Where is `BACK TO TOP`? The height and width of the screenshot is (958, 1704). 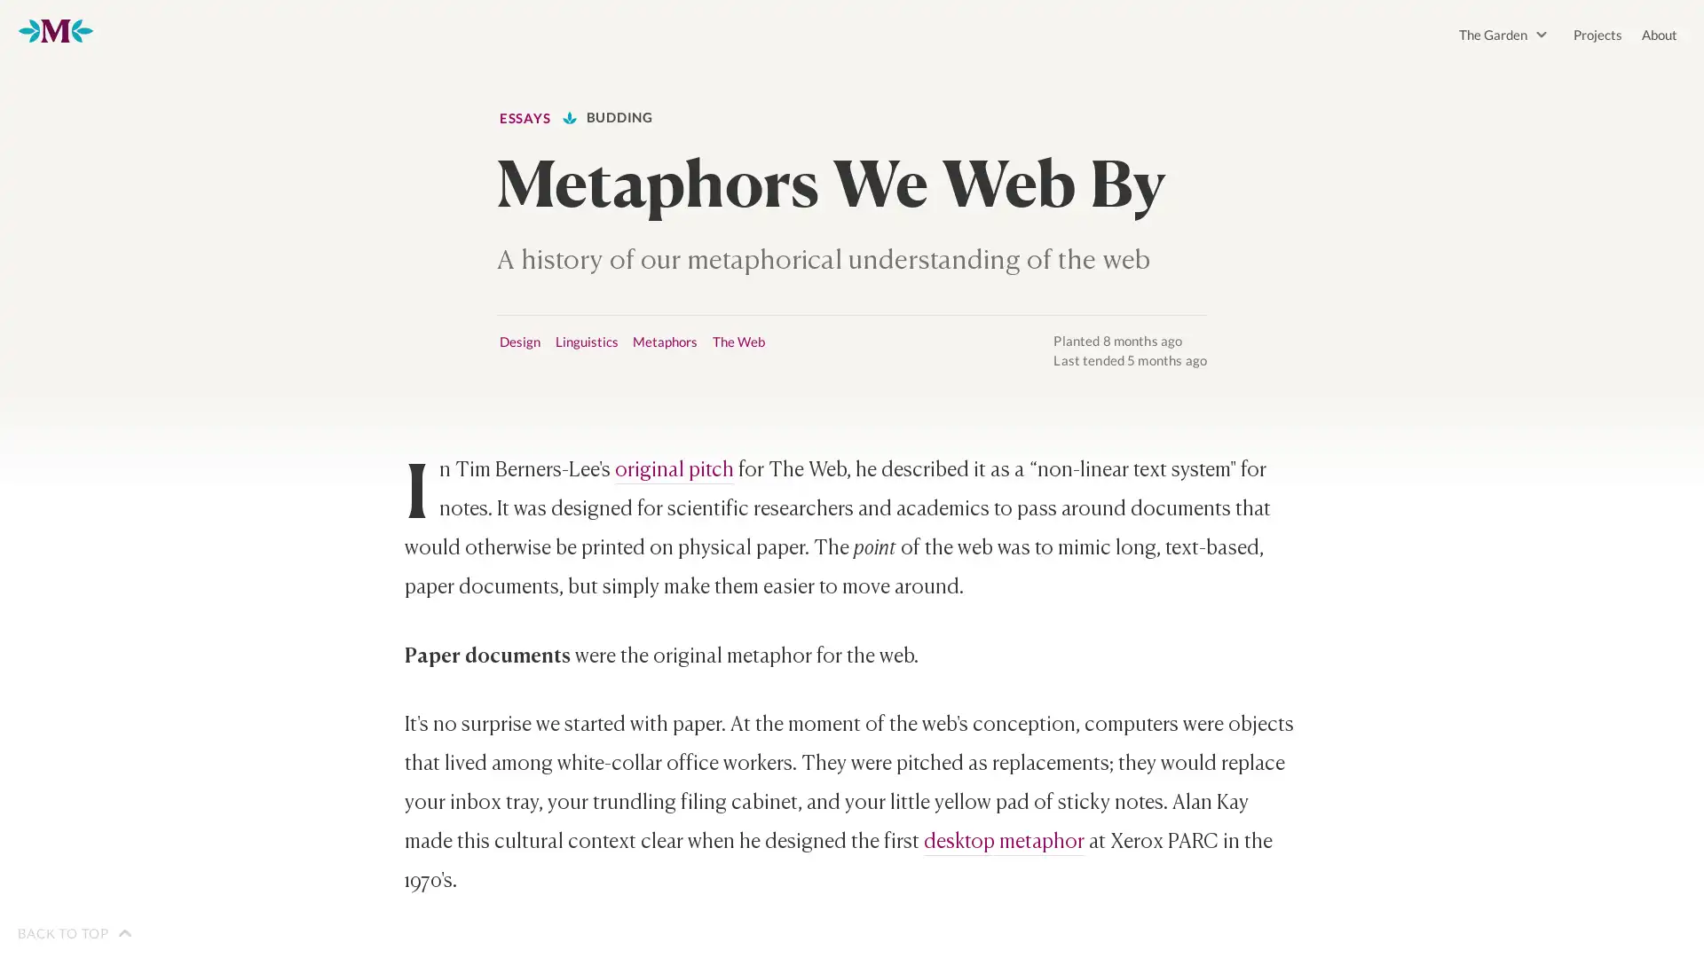 BACK TO TOP is located at coordinates (73, 932).